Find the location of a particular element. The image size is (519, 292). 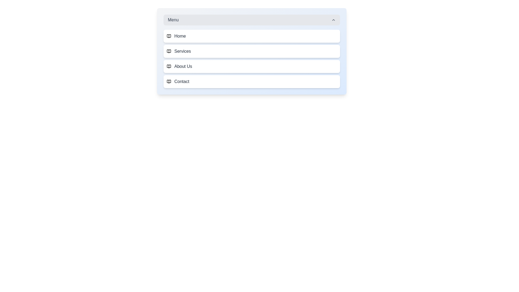

text content of the 'Services' label, which is styled in medium-sized dark gray font and positioned second in the menu list is located at coordinates (182, 51).